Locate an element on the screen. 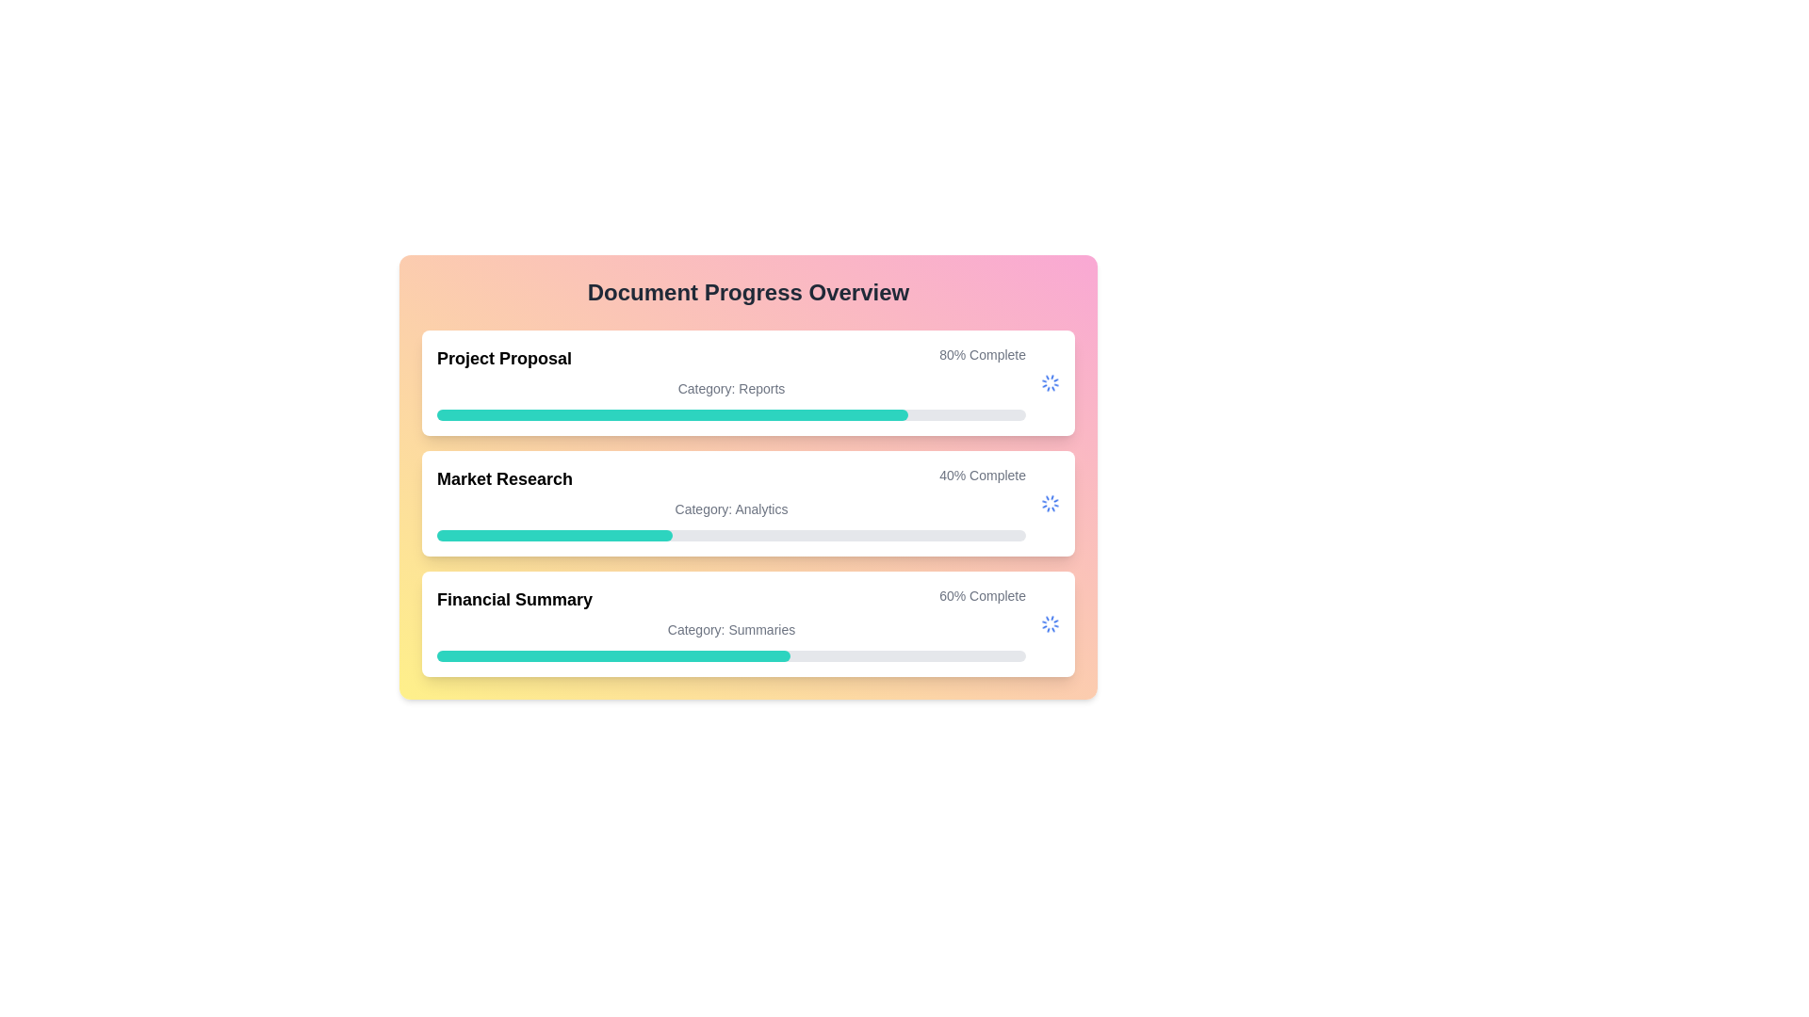  the Progress Indicator that visually represents 40% completion of the 'Market Research' task, located in the middle of the 'Market Research' section is located at coordinates (554, 536).